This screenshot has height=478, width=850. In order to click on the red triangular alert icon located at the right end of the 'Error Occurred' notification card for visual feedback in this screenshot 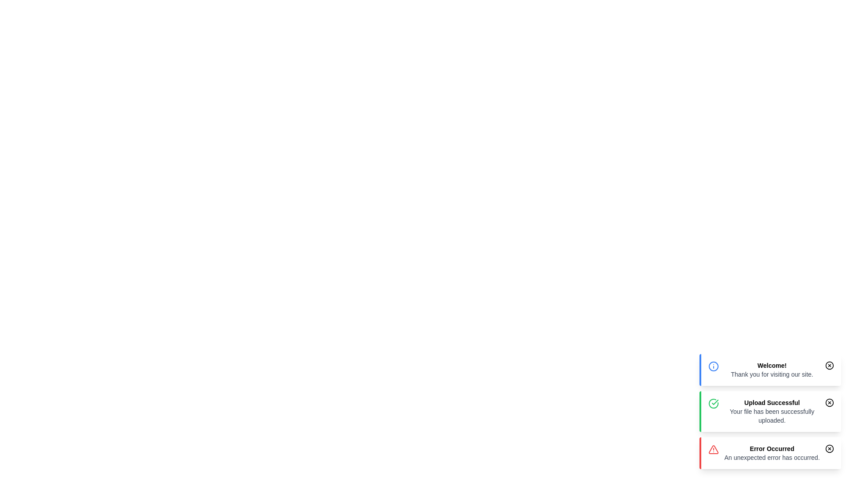, I will do `click(714, 449)`.